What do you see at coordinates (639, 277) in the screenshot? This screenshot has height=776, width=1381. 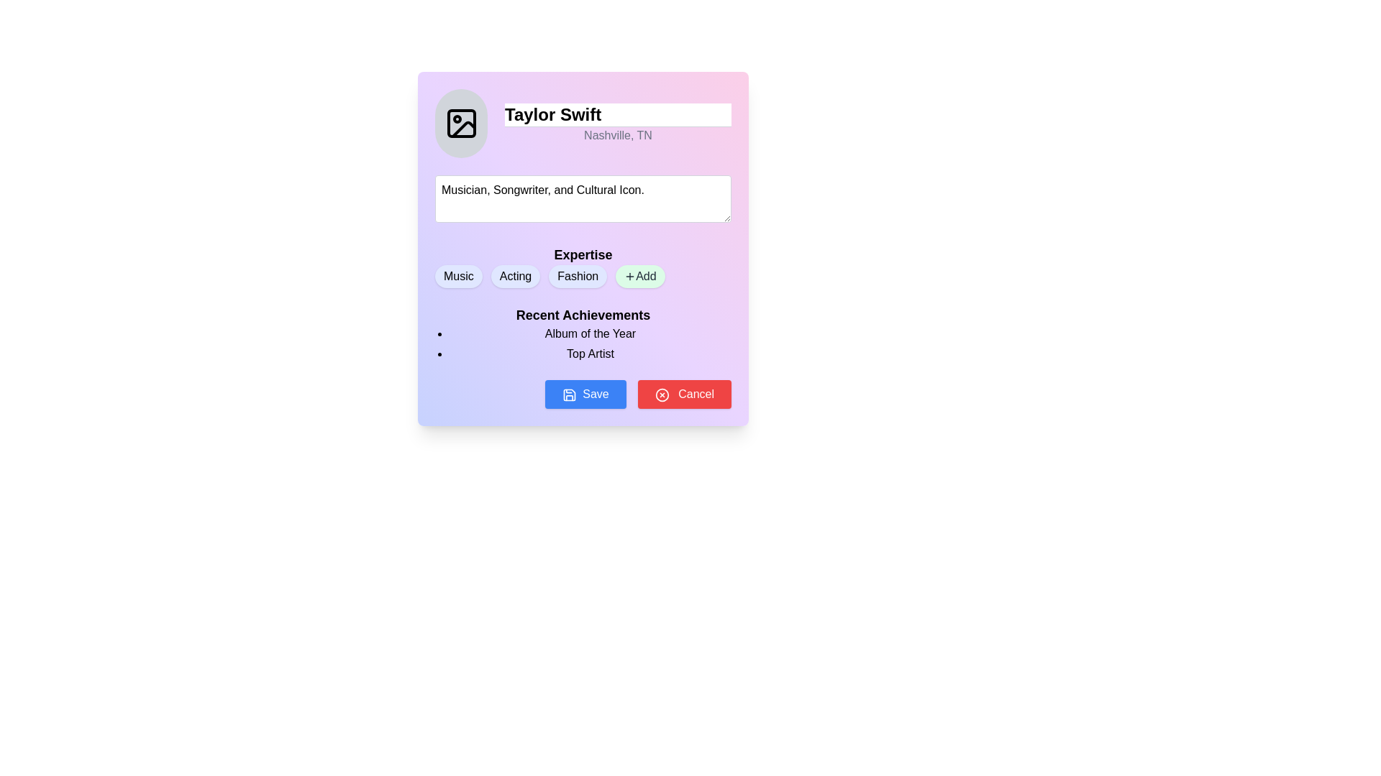 I see `the 'Add' button located to the right of the 'Music', 'Acting', and 'Fashion' tags, which is part of the 'Expertise' section` at bounding box center [639, 277].